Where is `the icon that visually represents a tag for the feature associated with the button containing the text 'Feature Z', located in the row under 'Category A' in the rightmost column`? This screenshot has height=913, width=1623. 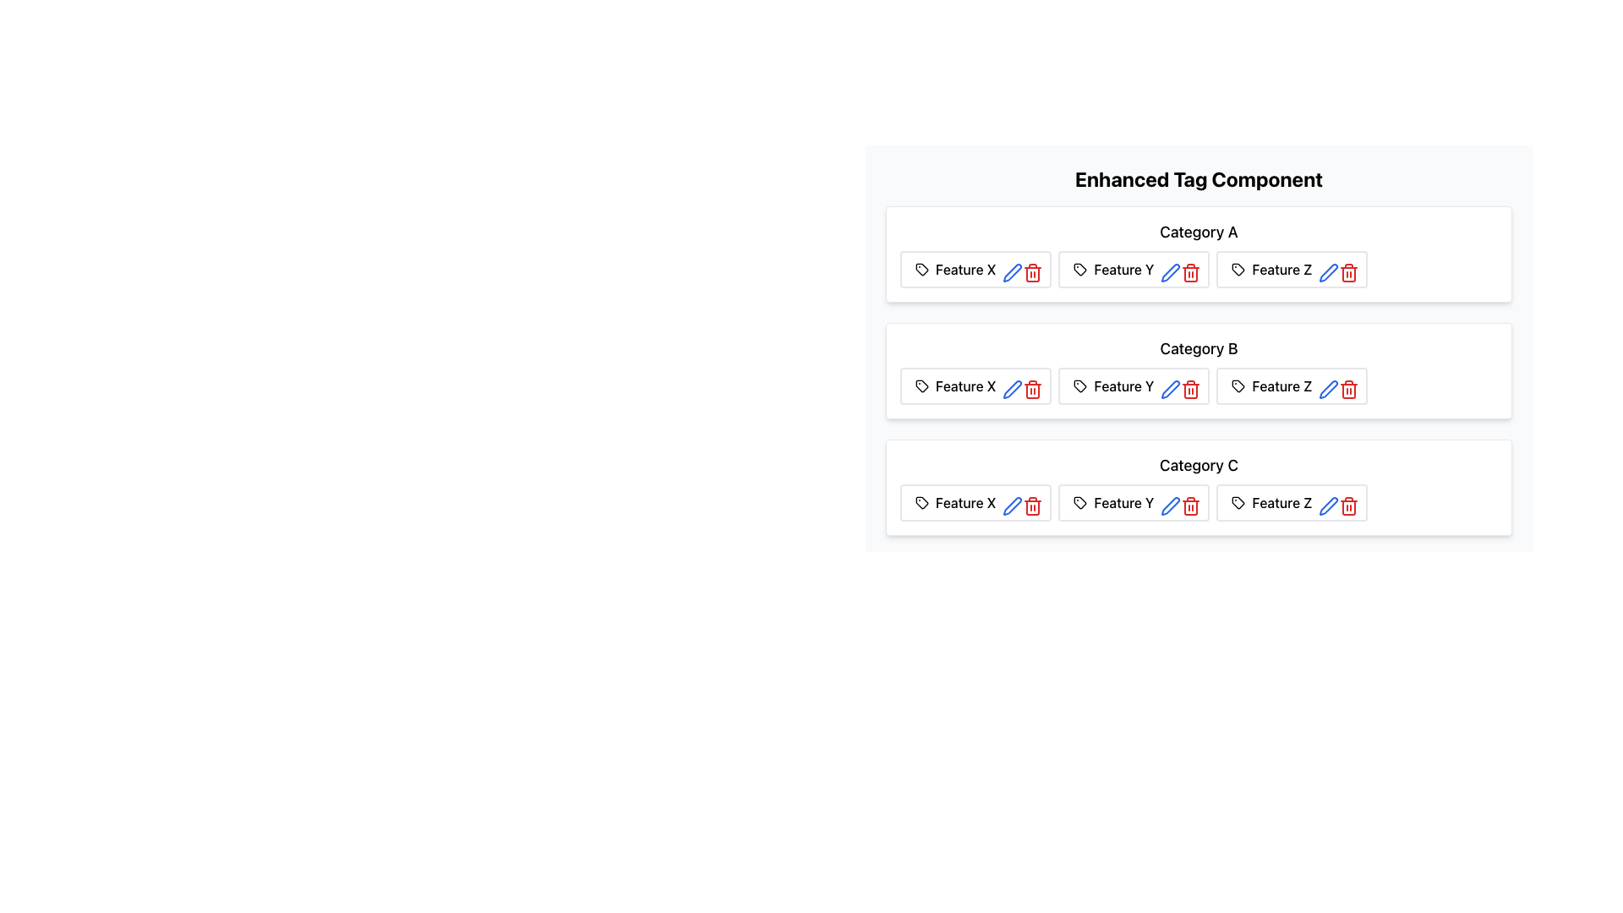
the icon that visually represents a tag for the feature associated with the button containing the text 'Feature Z', located in the row under 'Category A' in the rightmost column is located at coordinates (1238, 269).